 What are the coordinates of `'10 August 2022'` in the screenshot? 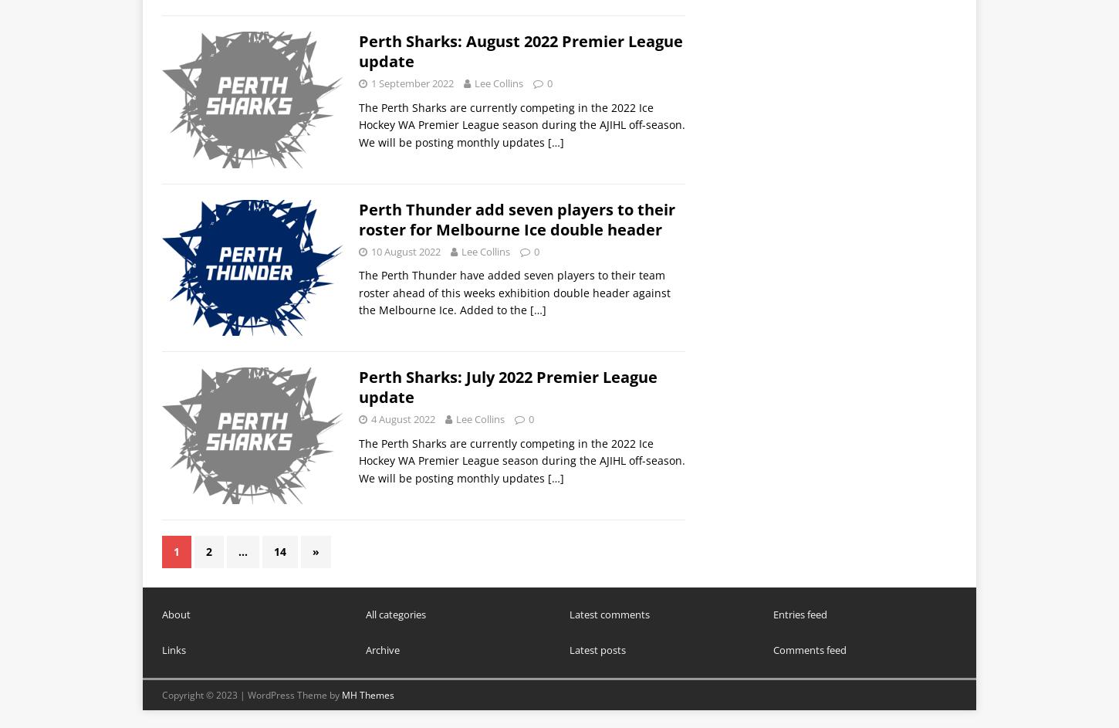 It's located at (370, 250).